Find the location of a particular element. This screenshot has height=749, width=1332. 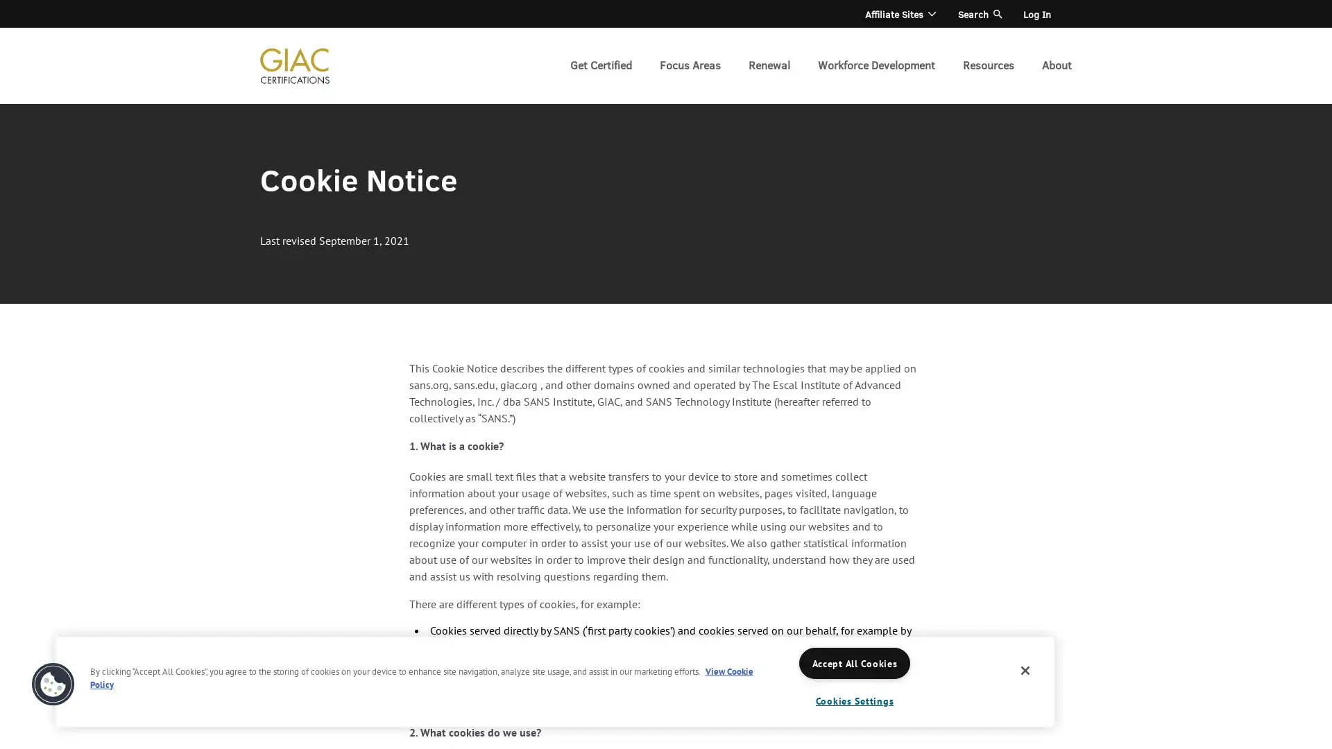

Accept All Cookies is located at coordinates (854, 662).